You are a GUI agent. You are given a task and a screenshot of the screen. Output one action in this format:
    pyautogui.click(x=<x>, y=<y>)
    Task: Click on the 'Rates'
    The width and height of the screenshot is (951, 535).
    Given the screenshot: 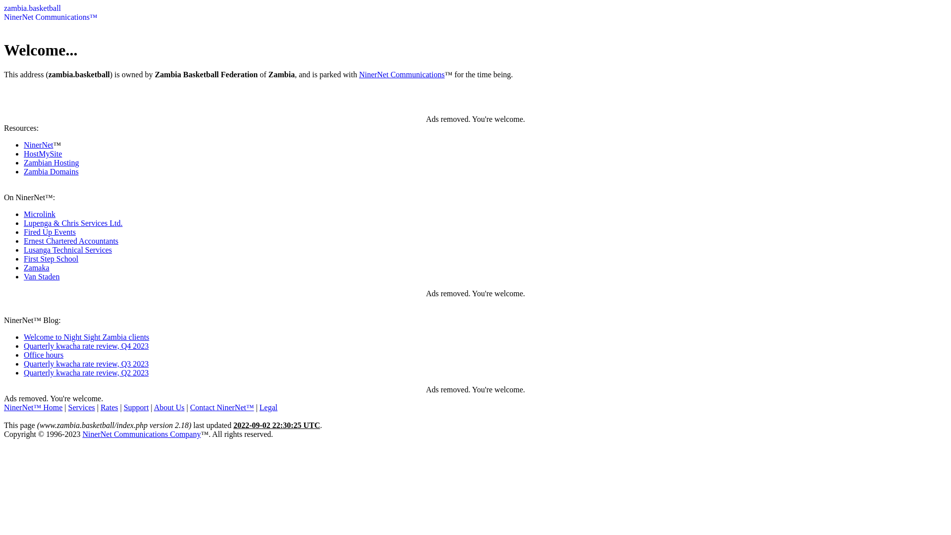 What is the action you would take?
    pyautogui.click(x=109, y=407)
    